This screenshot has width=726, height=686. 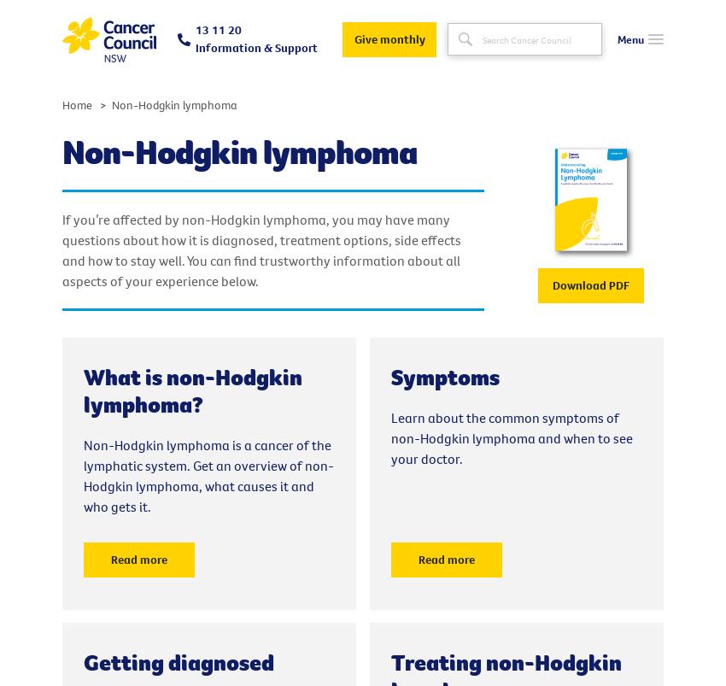 What do you see at coordinates (82, 270) in the screenshot?
I see `'Donate'` at bounding box center [82, 270].